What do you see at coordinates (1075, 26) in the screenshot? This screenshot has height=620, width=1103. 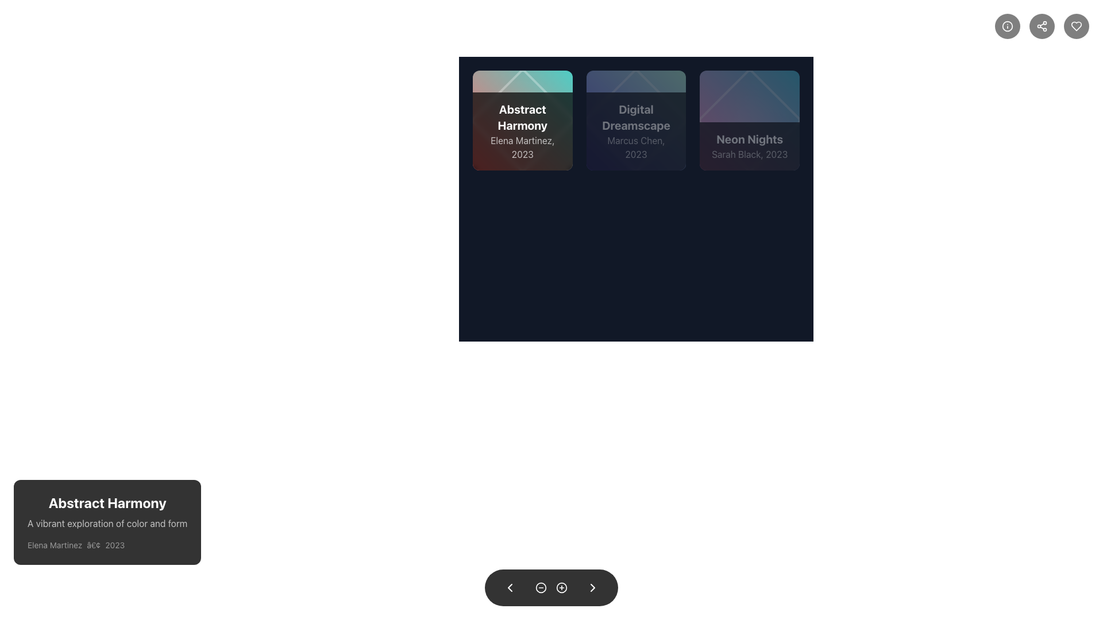 I see `the heart-shaped icon in the upper right corner of the interface to favorite or unfavorite an item` at bounding box center [1075, 26].